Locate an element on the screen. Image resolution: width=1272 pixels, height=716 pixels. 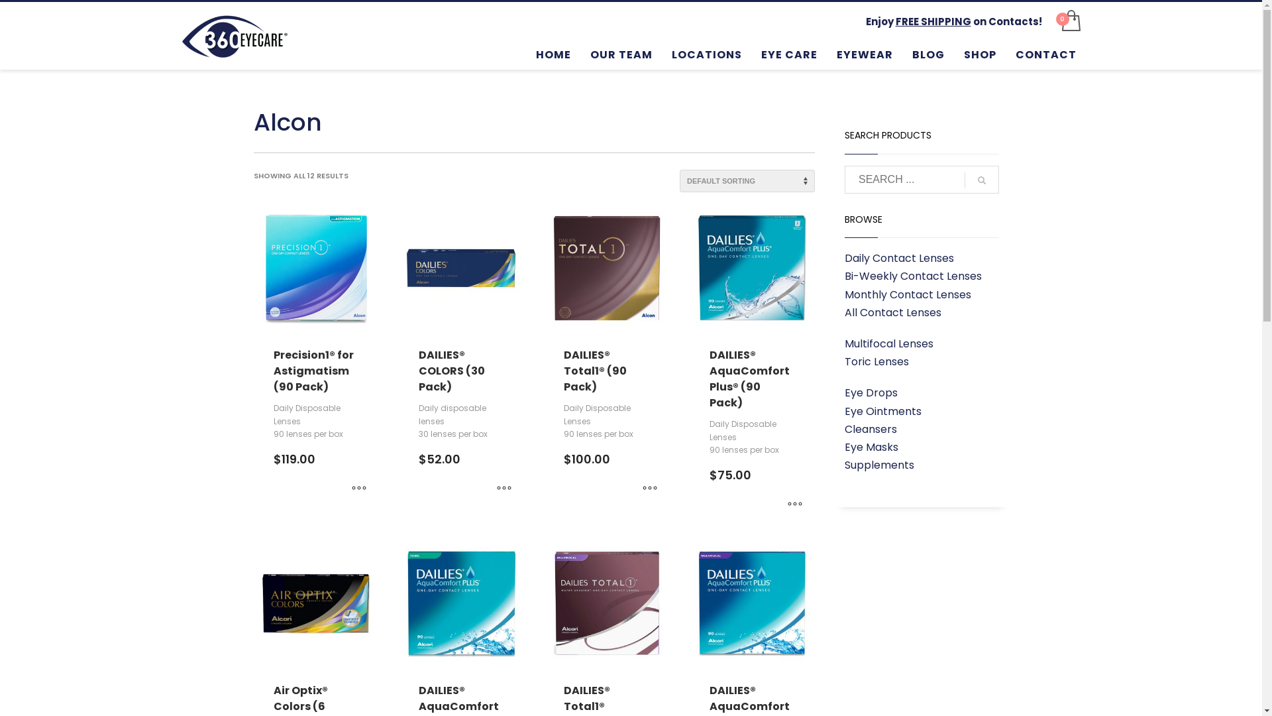
'View your shopping cart' is located at coordinates (1055, 21).